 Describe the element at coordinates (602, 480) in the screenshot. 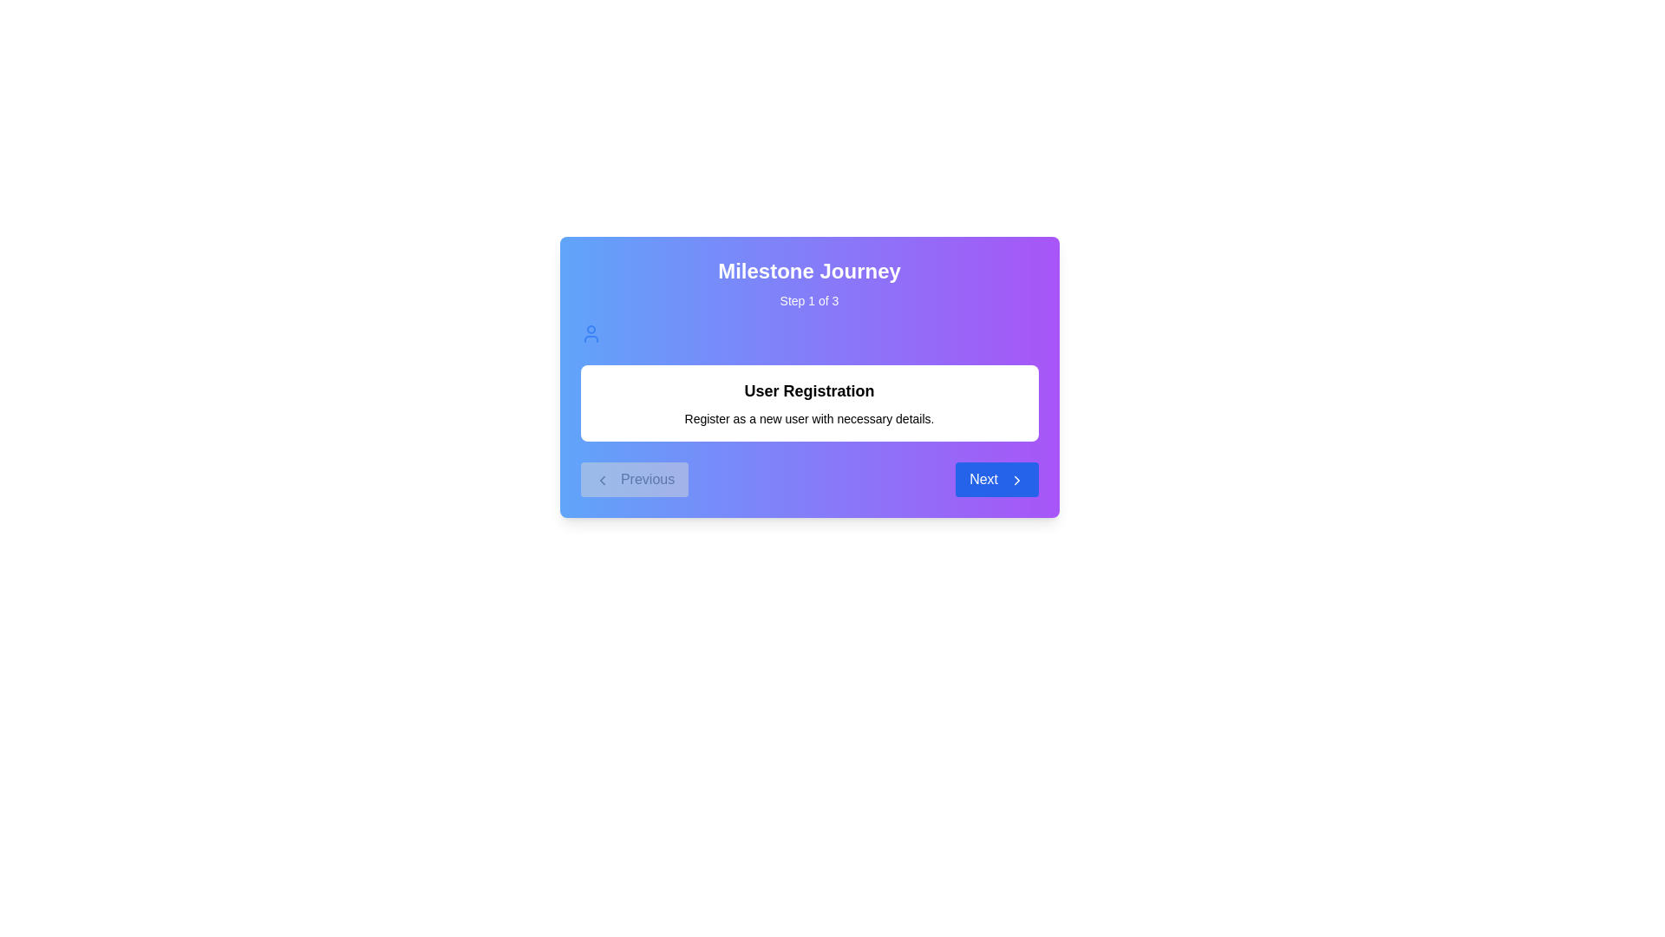

I see `the left-pointing chevron icon inside the 'Previous' button located at the bottom-left corner of the 'User Registration' card interface` at that location.